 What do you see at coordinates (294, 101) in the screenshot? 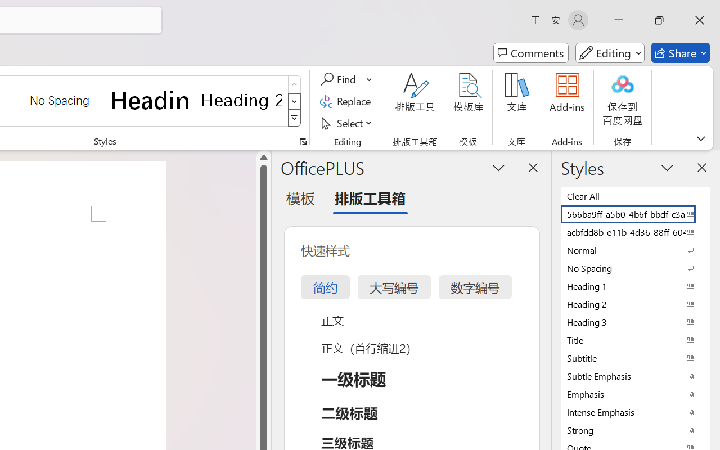
I see `'Row Down'` at bounding box center [294, 101].